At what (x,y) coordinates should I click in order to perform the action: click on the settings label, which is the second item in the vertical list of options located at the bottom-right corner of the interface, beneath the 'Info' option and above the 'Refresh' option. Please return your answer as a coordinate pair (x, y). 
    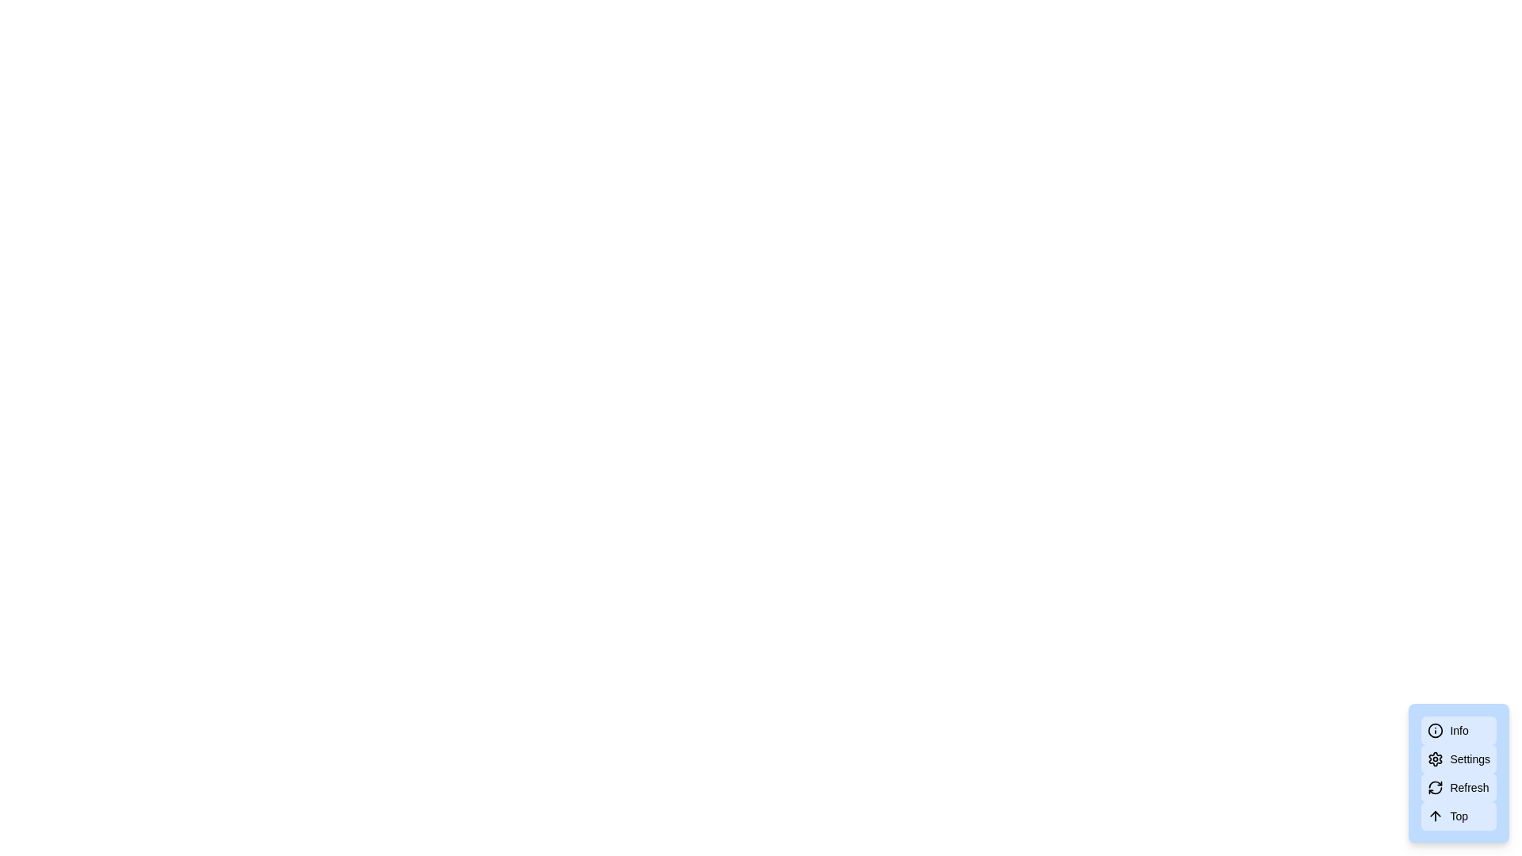
    Looking at the image, I should click on (1469, 758).